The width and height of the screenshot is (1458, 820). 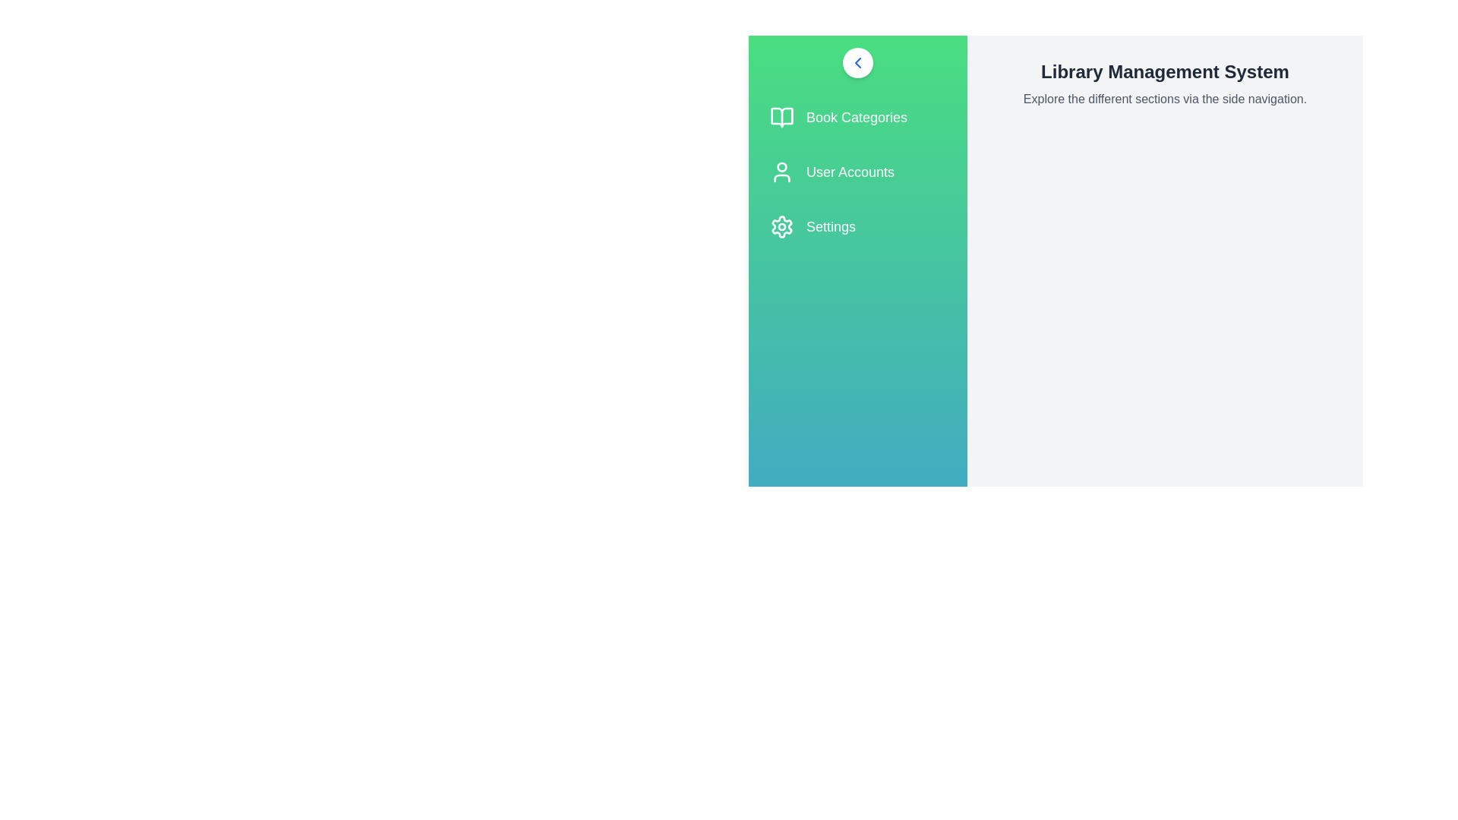 What do you see at coordinates (857, 62) in the screenshot?
I see `toggle button at the top of the drawer to toggle its state` at bounding box center [857, 62].